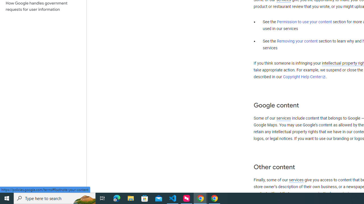  Describe the element at coordinates (297, 41) in the screenshot. I see `'Removing your content'` at that location.